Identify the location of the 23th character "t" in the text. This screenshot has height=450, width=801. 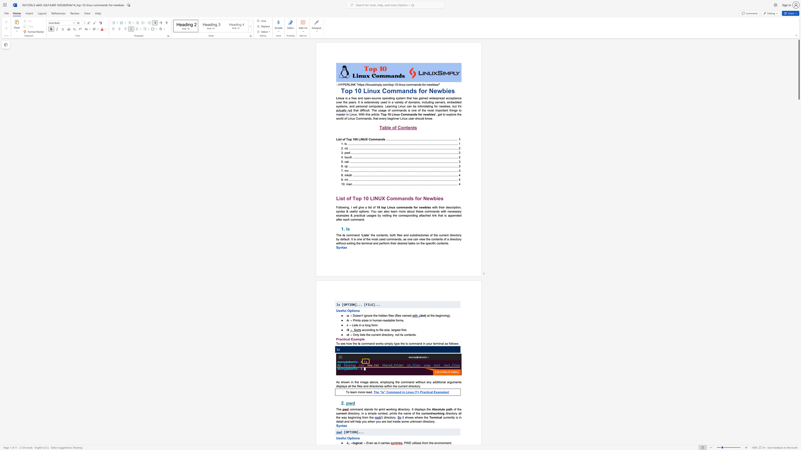
(408, 243).